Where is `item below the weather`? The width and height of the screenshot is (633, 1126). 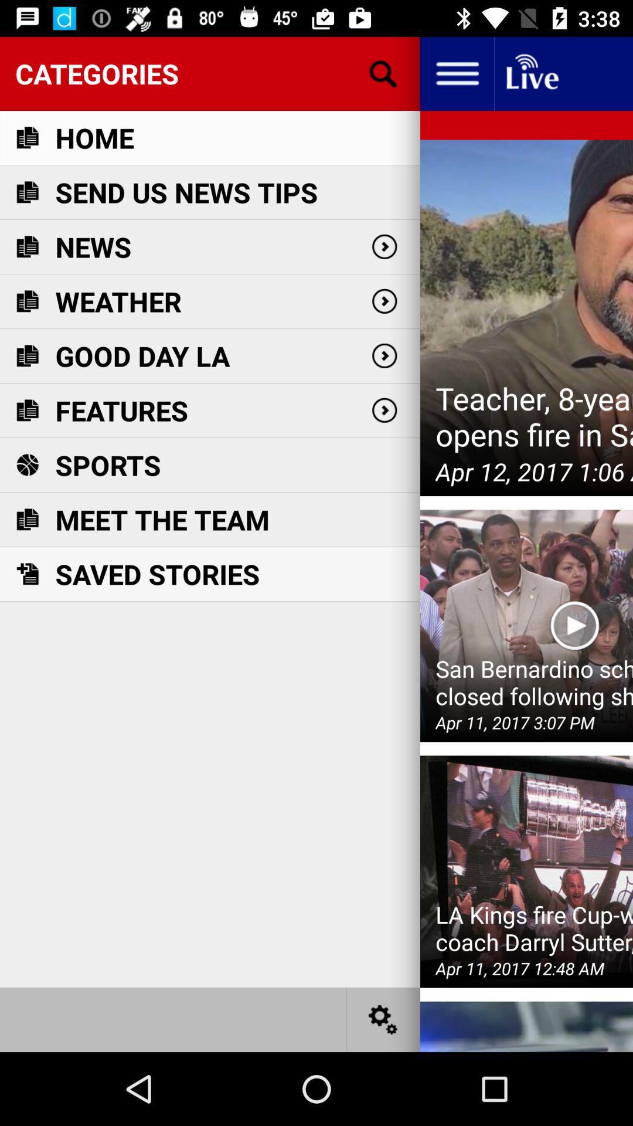 item below the weather is located at coordinates (142, 355).